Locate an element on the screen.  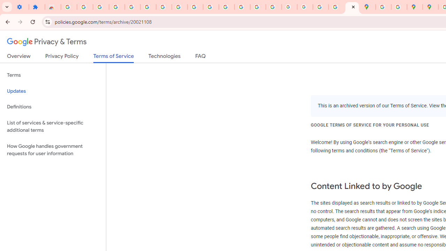
'Extensions' is located at coordinates (37, 7).